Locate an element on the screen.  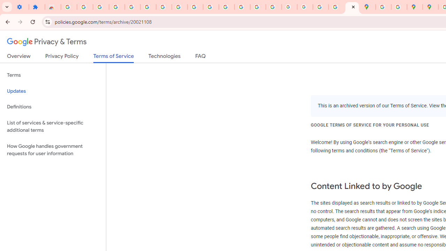
'Extensions' is located at coordinates (37, 7).